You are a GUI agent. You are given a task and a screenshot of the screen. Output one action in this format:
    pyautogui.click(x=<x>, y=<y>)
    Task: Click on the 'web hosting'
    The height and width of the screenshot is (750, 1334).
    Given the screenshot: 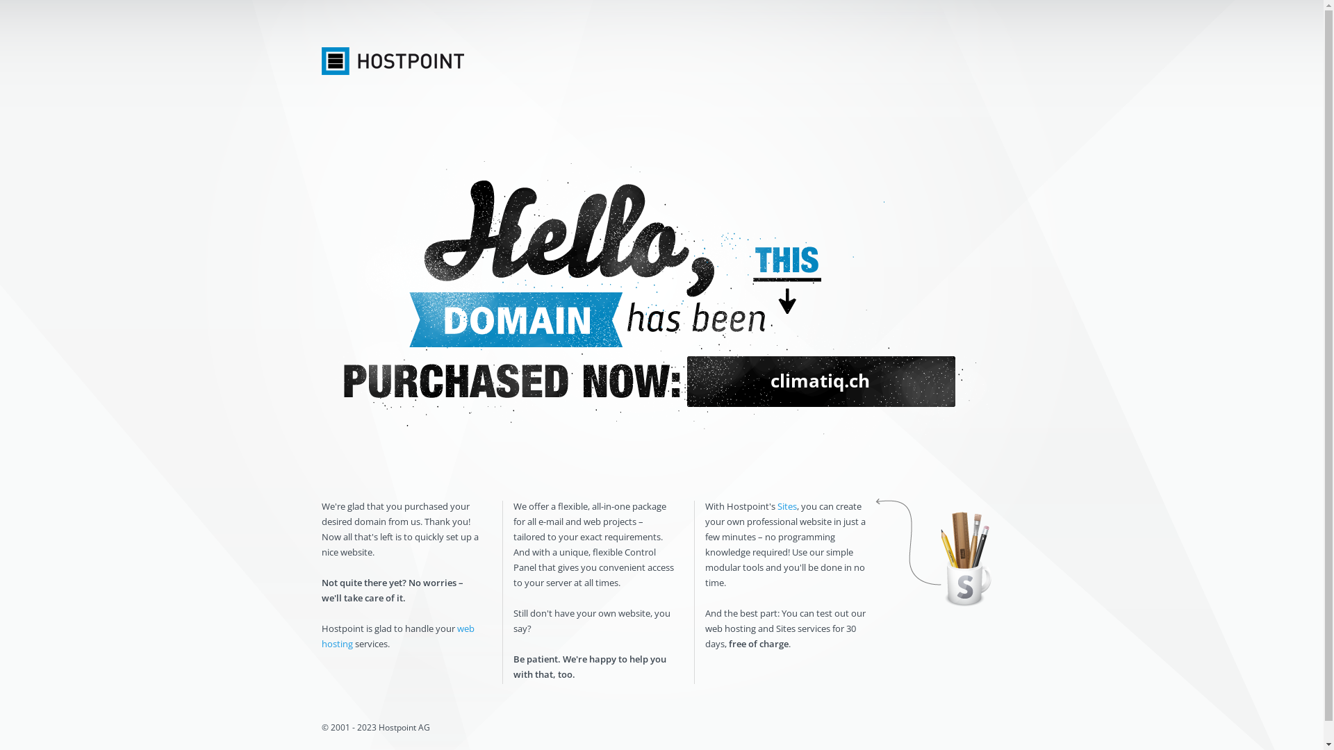 What is the action you would take?
    pyautogui.click(x=396, y=635)
    